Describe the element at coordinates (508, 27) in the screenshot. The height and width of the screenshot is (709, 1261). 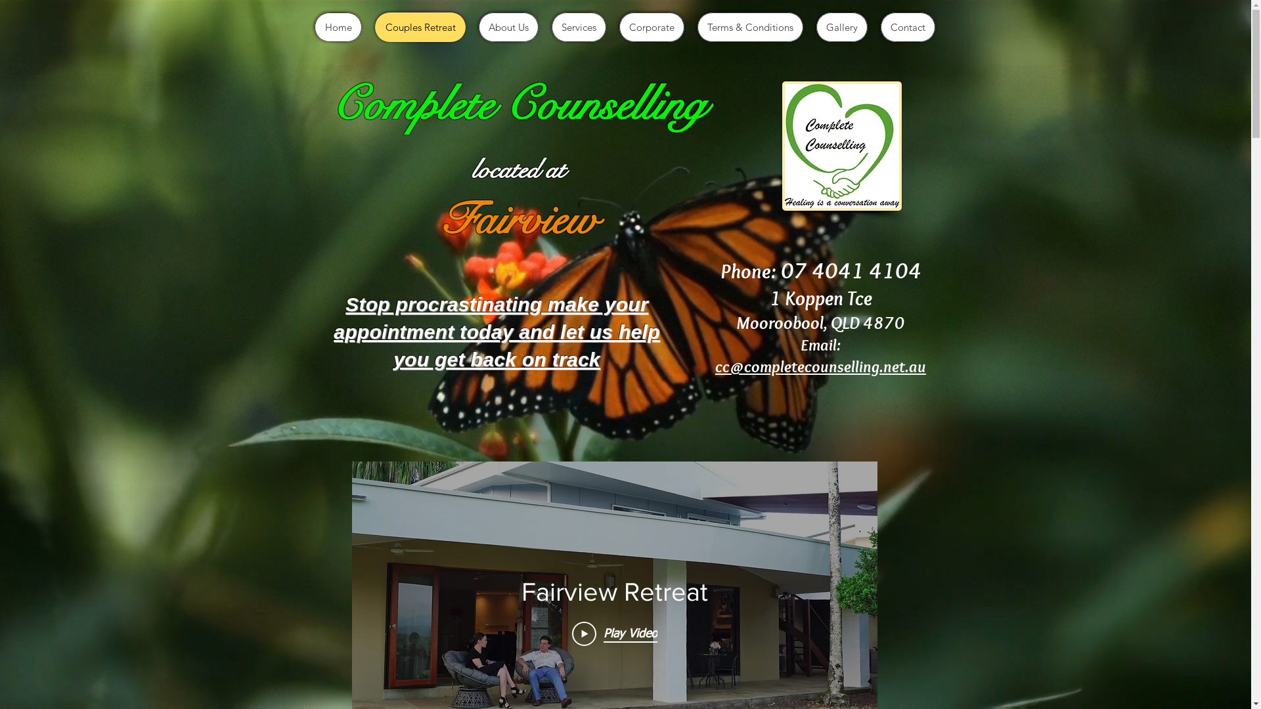
I see `'About Us'` at that location.